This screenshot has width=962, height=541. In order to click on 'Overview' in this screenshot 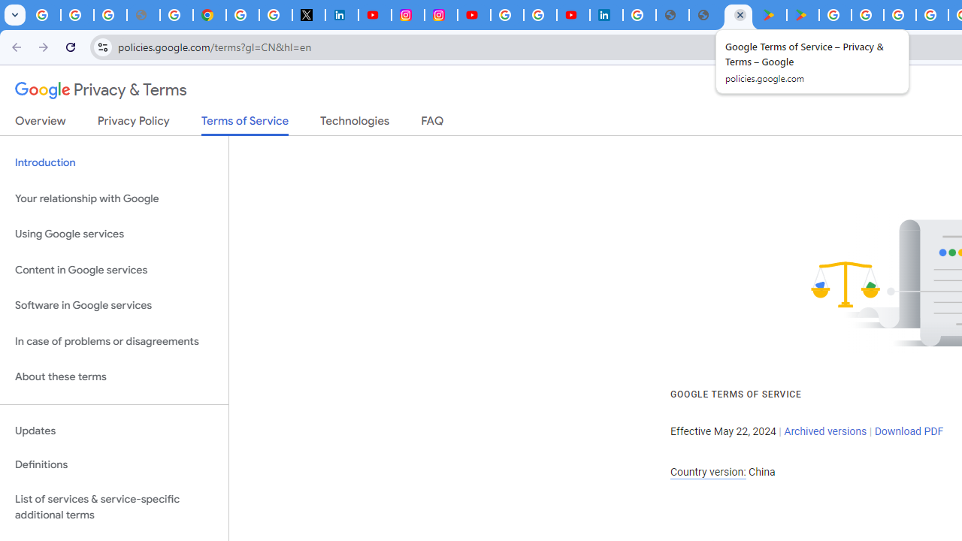, I will do `click(41, 123)`.